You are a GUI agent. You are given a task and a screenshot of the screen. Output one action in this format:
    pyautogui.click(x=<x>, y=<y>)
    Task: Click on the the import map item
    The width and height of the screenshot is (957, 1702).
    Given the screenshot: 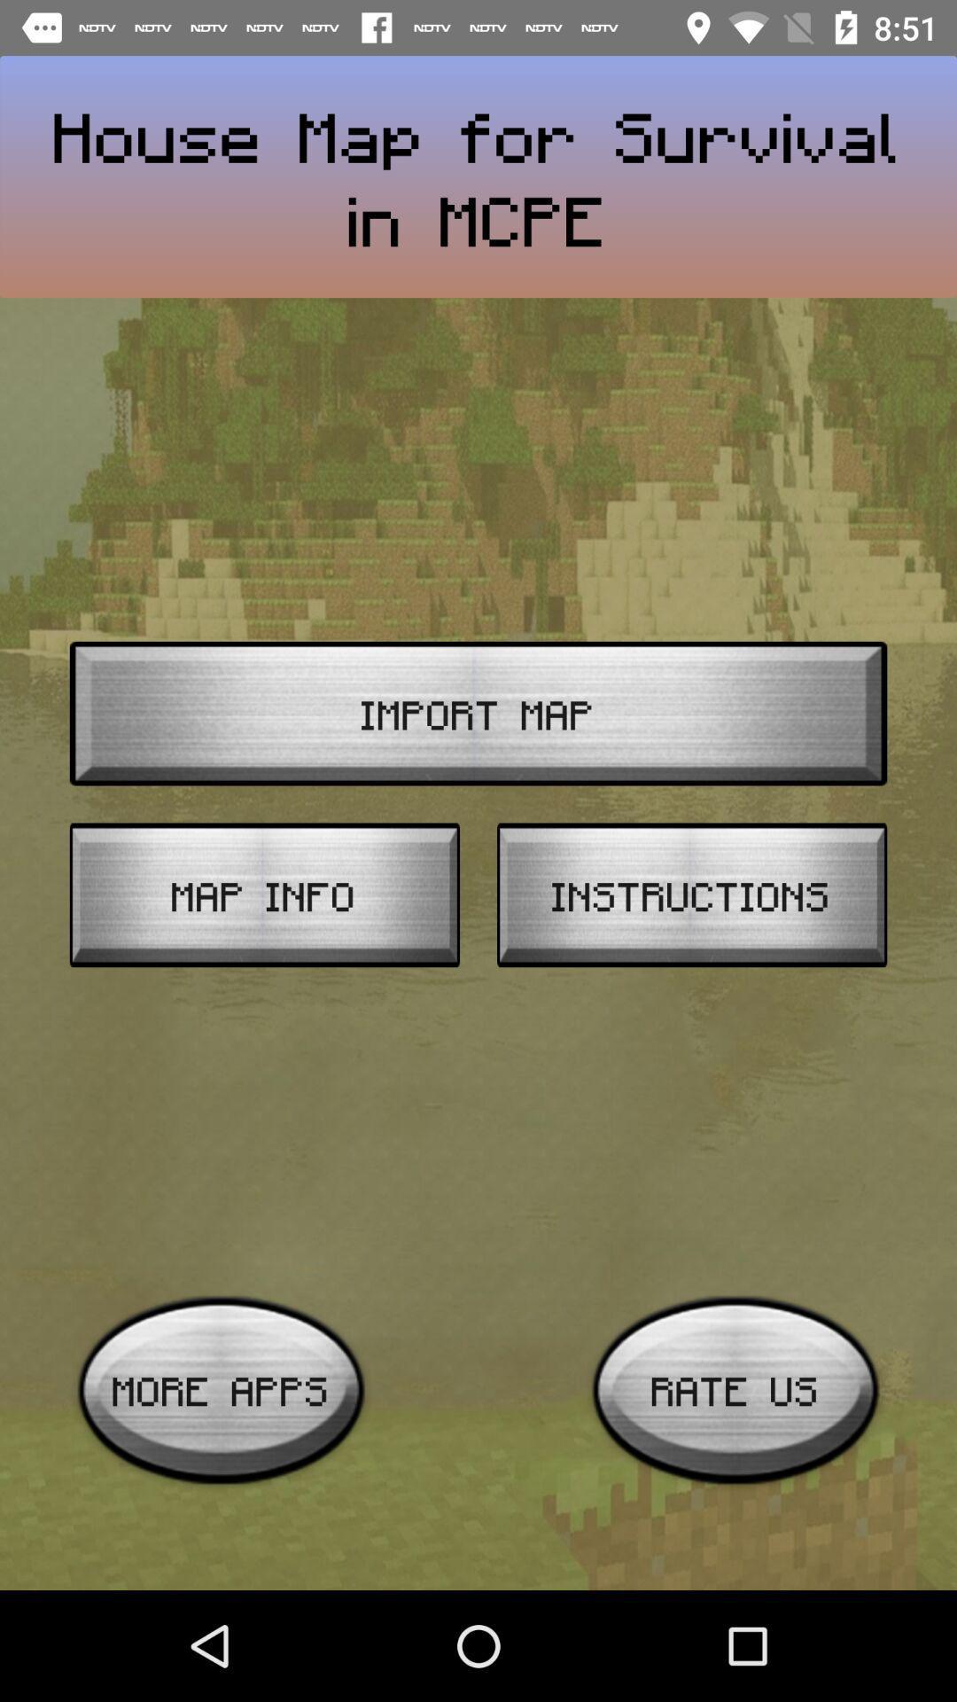 What is the action you would take?
    pyautogui.click(x=478, y=714)
    